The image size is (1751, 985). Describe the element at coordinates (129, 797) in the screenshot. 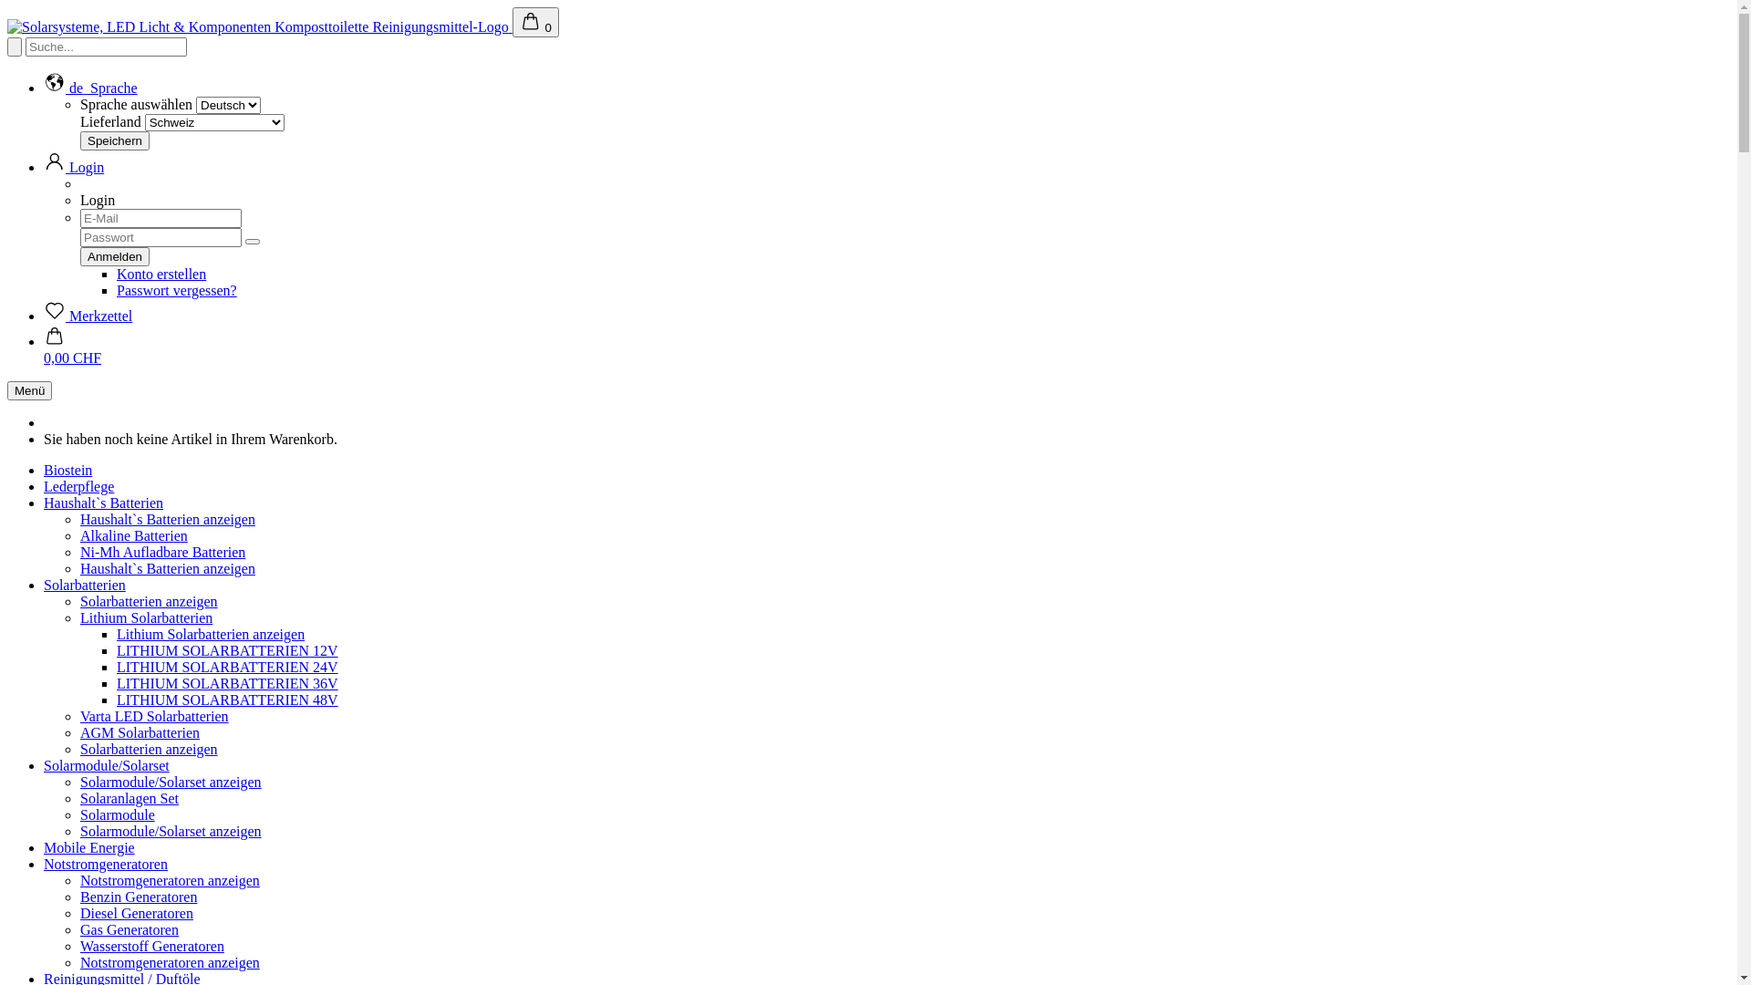

I see `'Solaranlagen Set'` at that location.